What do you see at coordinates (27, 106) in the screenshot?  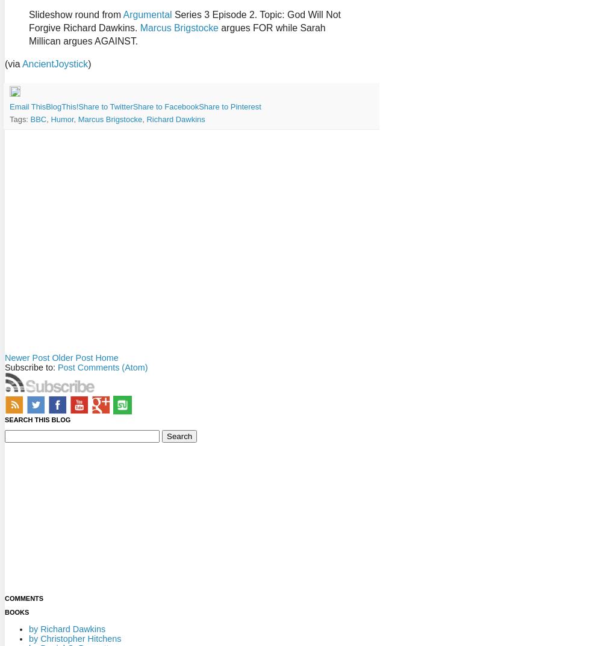 I see `'Email This'` at bounding box center [27, 106].